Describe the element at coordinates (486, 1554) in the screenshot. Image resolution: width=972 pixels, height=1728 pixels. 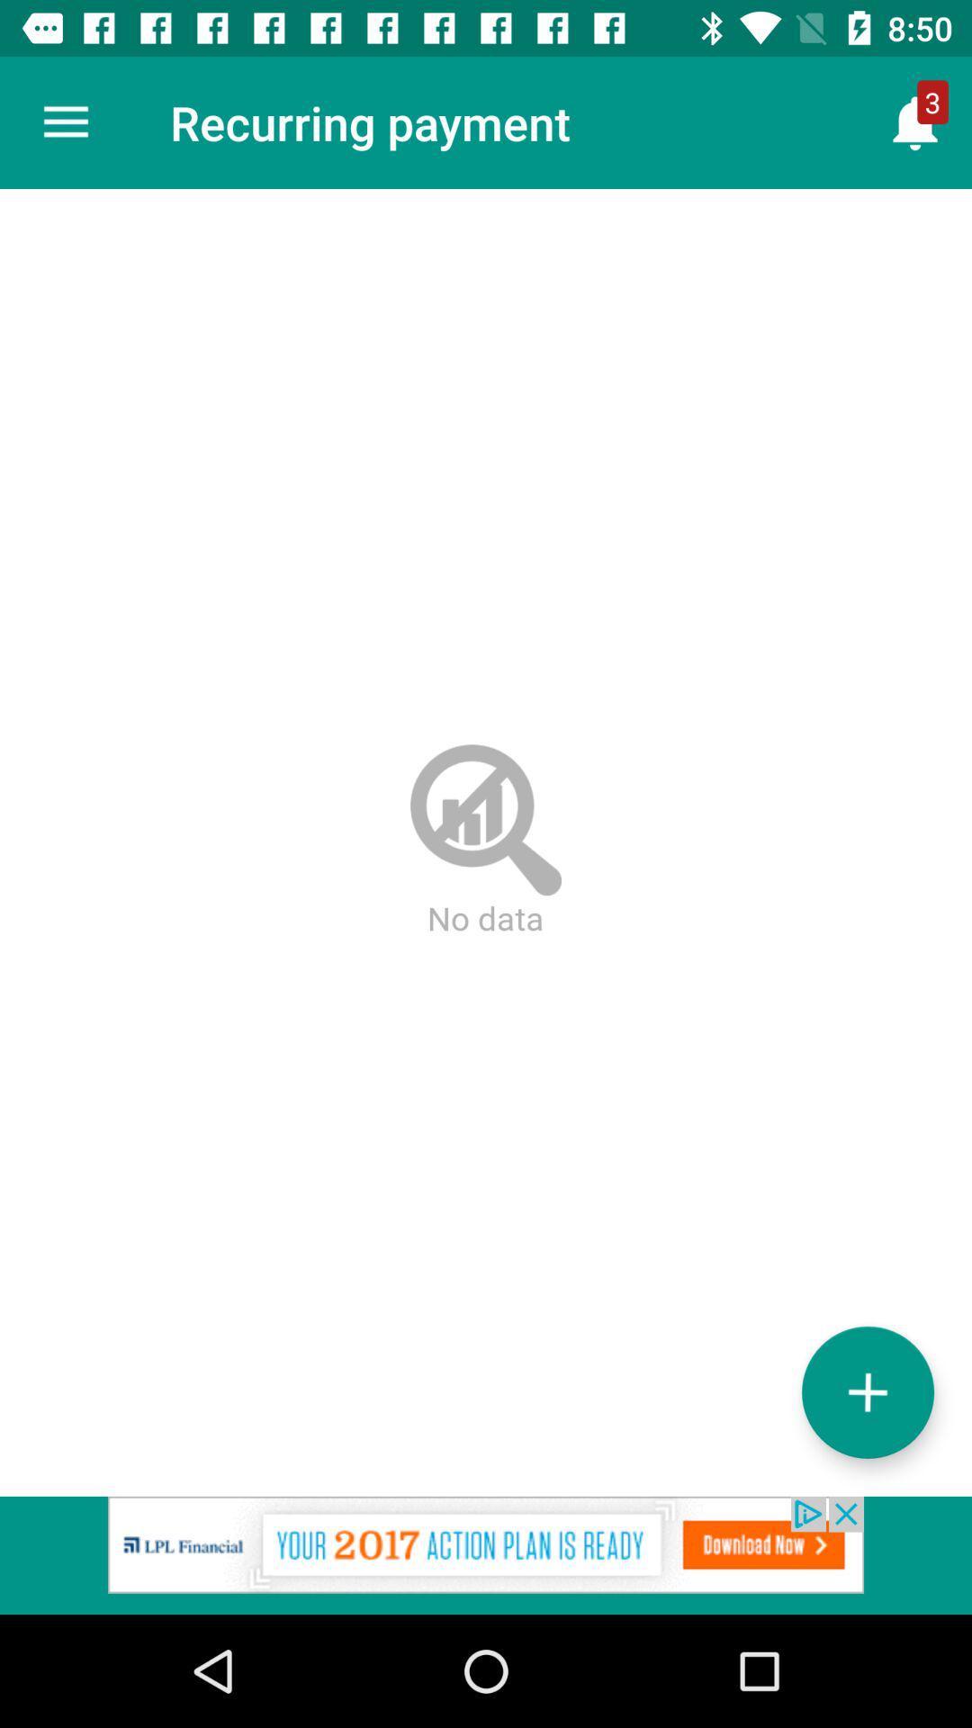
I see `open lpl financial app` at that location.